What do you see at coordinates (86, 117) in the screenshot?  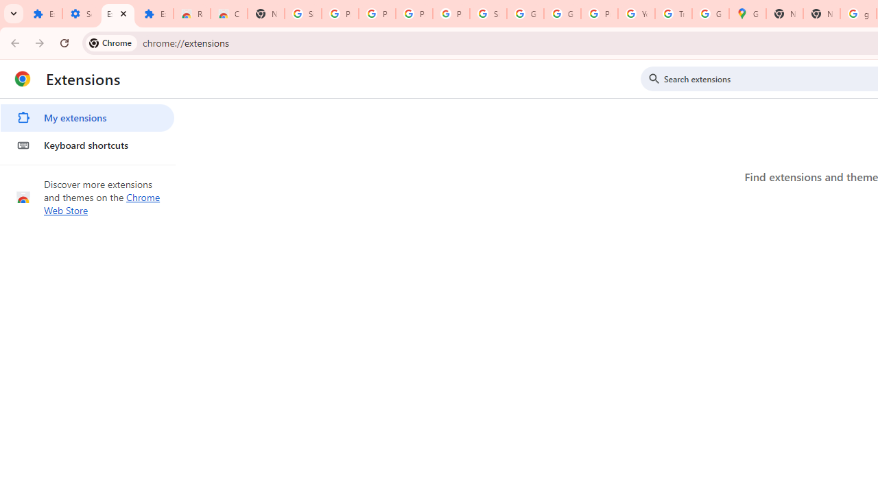 I see `'My extensions'` at bounding box center [86, 117].